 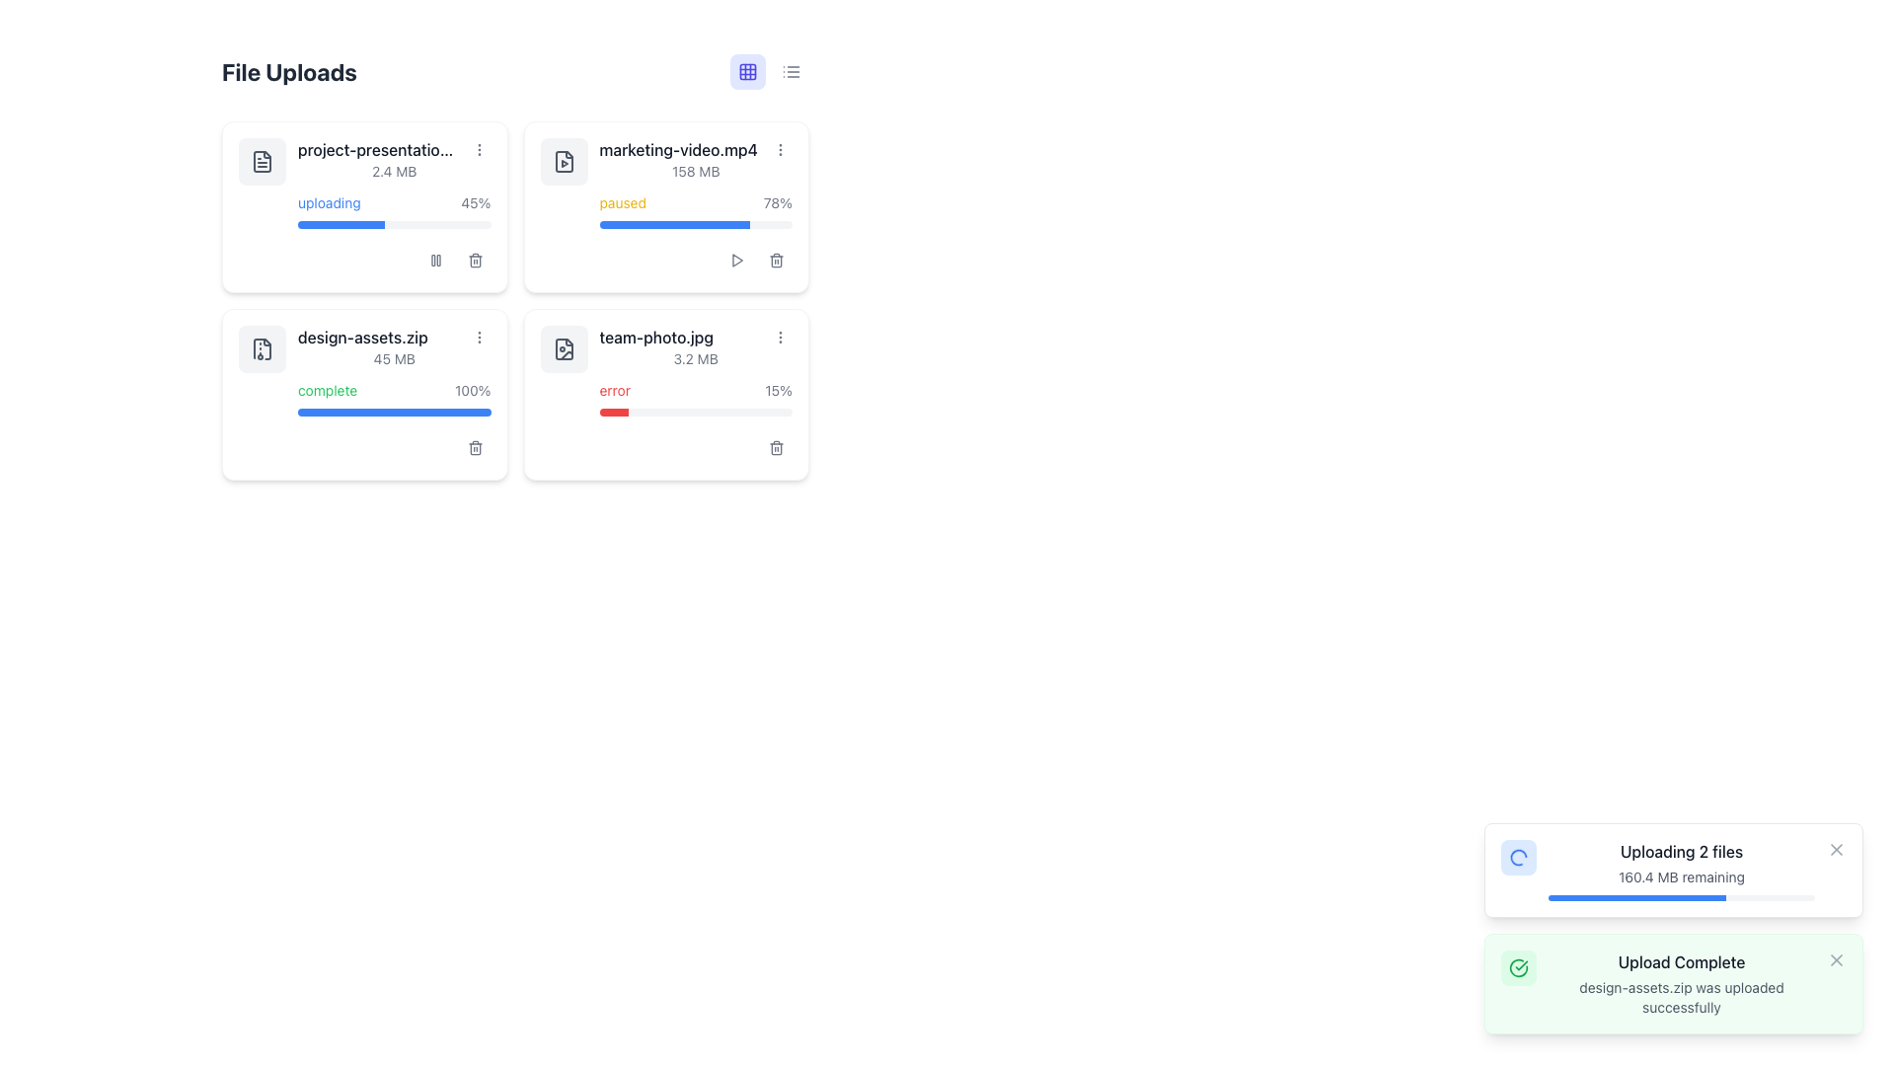 I want to click on the trash bin icon representing the delete action for the 'team-photo.jpg' file item located in the bottom-right section of the file items grid, so click(x=776, y=449).